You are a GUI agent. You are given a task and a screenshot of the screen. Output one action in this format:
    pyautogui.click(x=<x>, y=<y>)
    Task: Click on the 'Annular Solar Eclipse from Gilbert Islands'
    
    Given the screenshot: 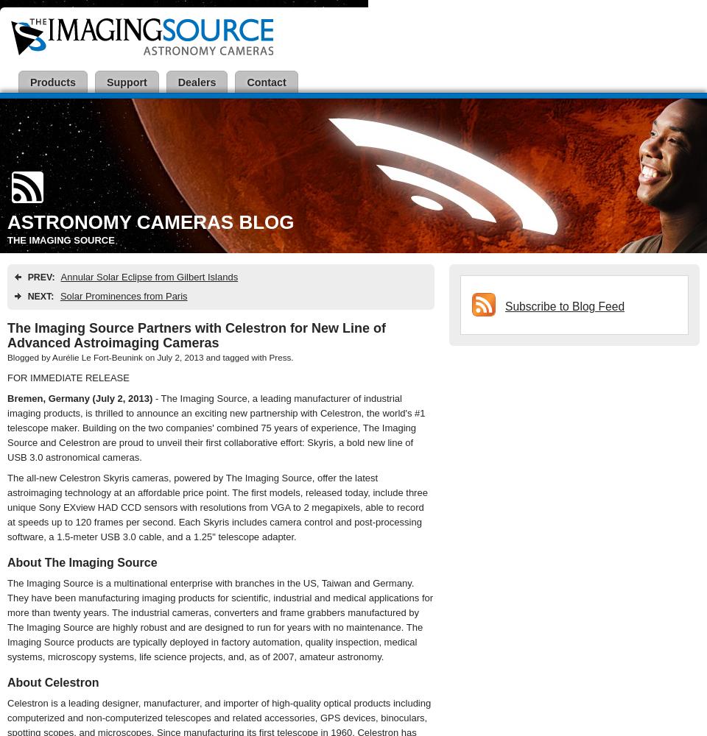 What is the action you would take?
    pyautogui.click(x=149, y=277)
    